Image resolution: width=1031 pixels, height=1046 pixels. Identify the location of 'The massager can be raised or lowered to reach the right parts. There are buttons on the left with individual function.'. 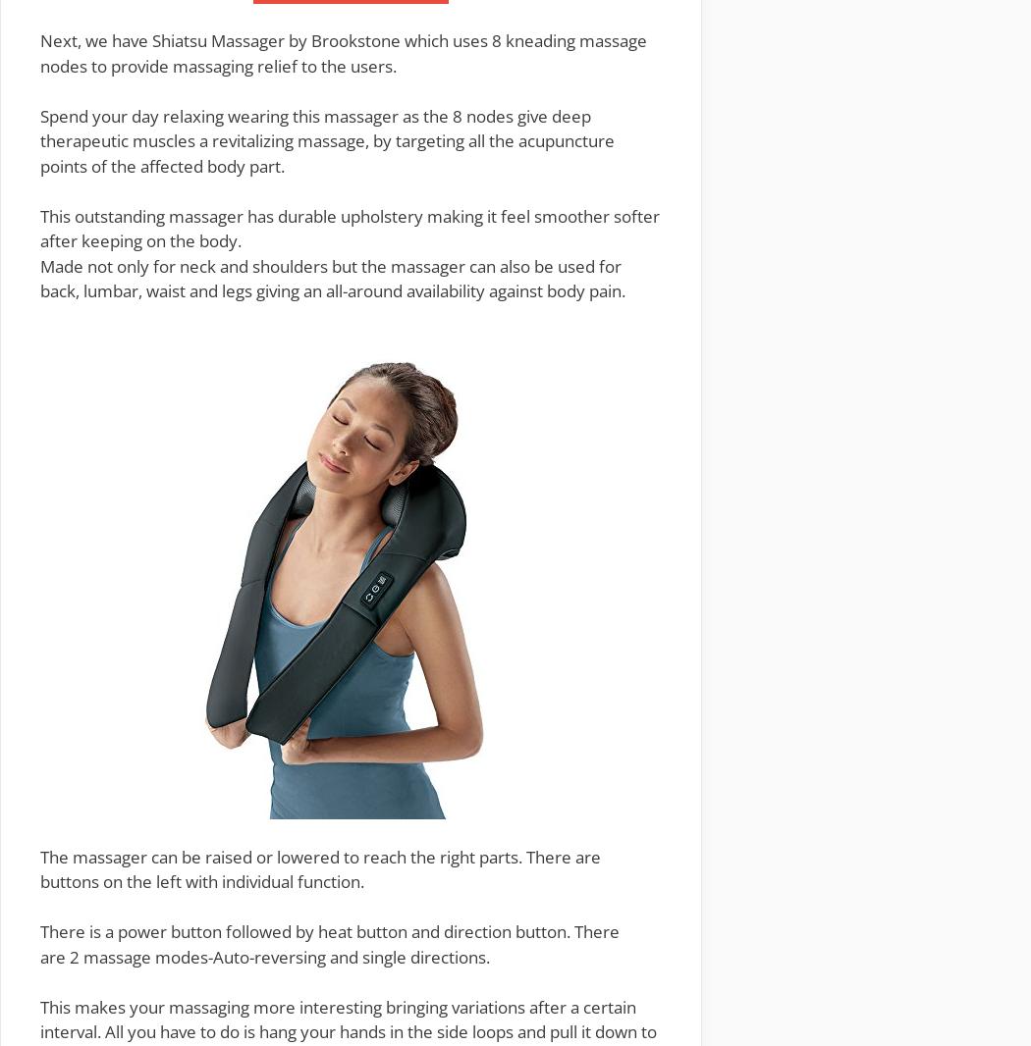
(320, 868).